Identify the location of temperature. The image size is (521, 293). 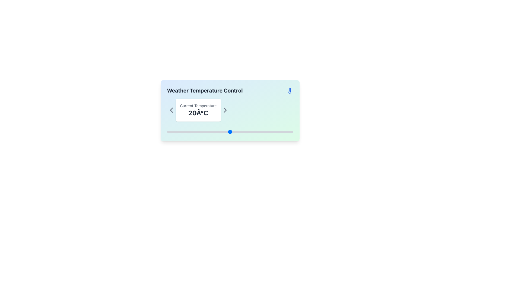
(224, 132).